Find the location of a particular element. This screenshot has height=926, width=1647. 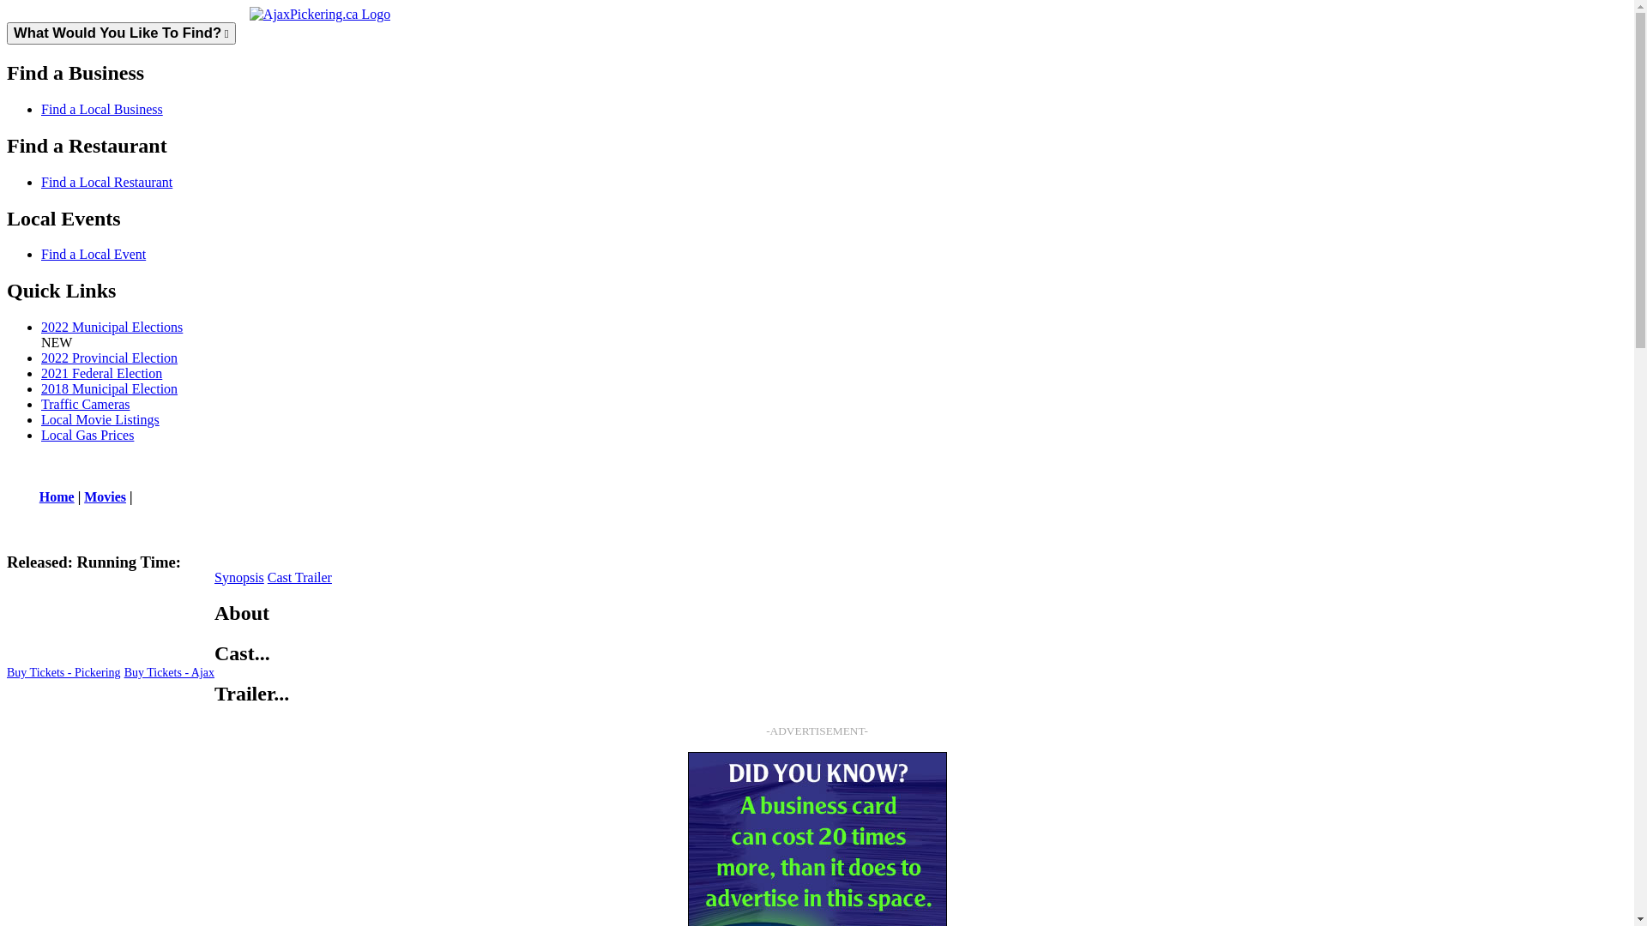

'Local Gas Prices' is located at coordinates (86, 434).